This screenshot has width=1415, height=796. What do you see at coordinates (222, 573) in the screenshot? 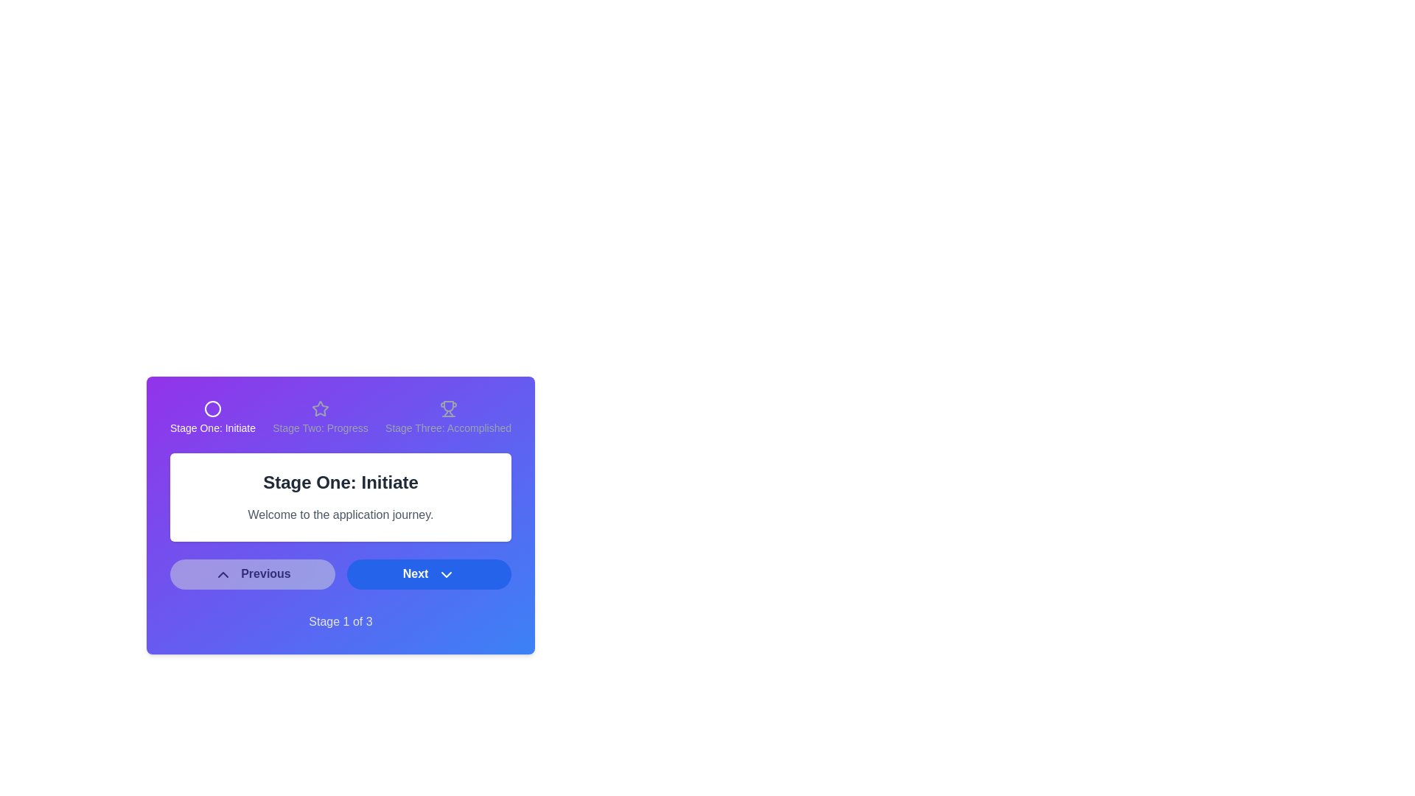
I see `the chevron icon within the 'Previous' button located on the left side of the interface near the bottom of the main card` at bounding box center [222, 573].